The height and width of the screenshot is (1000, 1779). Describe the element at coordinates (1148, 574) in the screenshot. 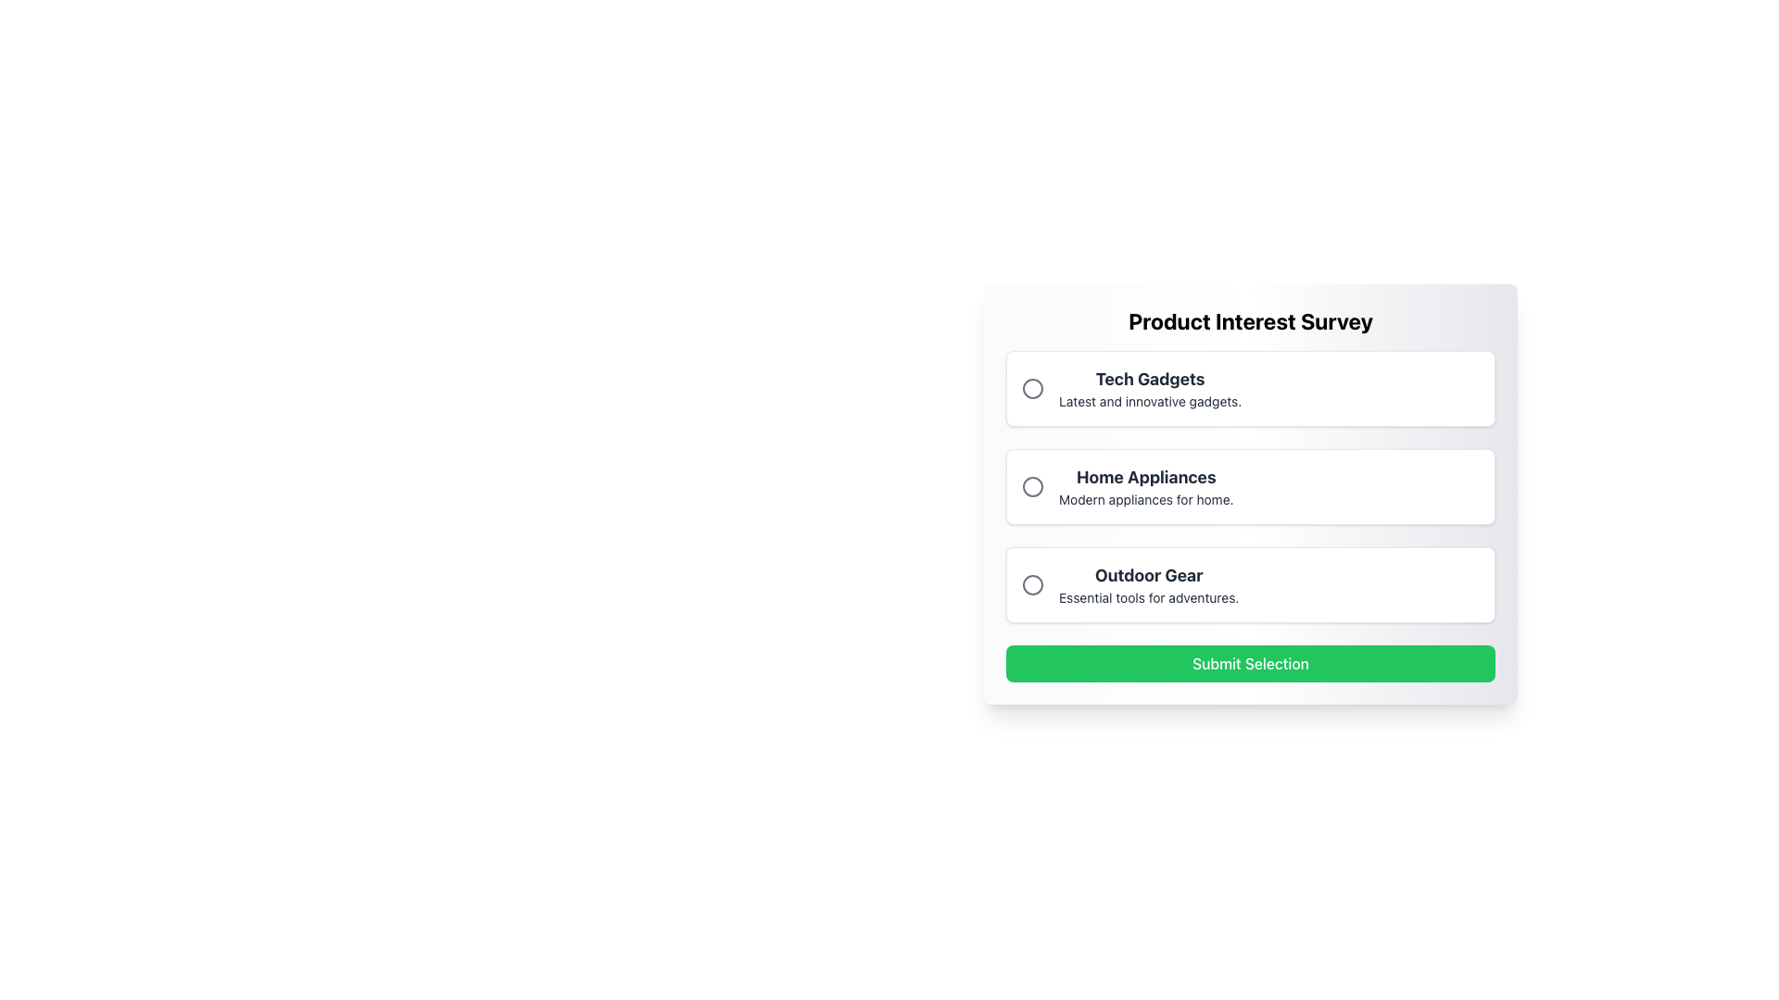

I see `the label for the third selectable option in the survey, which conveys the category name 'Outdoor Gear', located above the description 'Essential tools for adventures'` at that location.